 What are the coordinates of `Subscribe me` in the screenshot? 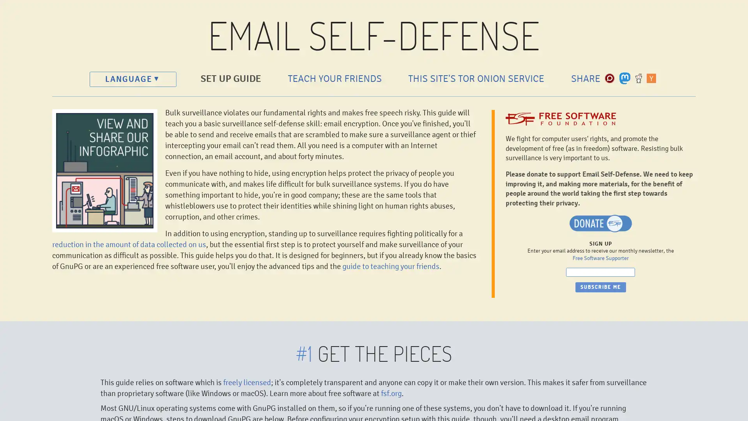 It's located at (600, 287).